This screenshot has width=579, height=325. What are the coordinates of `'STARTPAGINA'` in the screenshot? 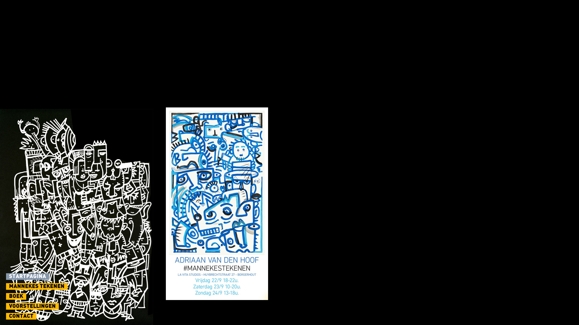 It's located at (27, 276).